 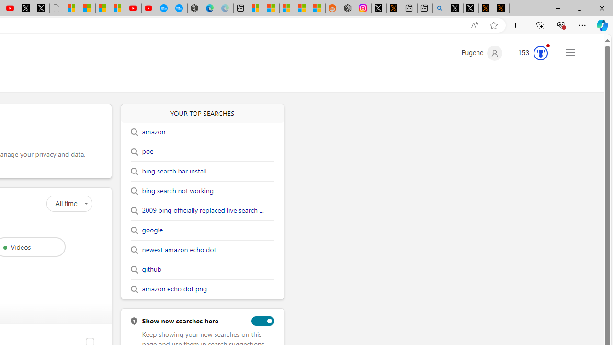 I want to click on 'Selected time filter is All time', so click(x=68, y=203).